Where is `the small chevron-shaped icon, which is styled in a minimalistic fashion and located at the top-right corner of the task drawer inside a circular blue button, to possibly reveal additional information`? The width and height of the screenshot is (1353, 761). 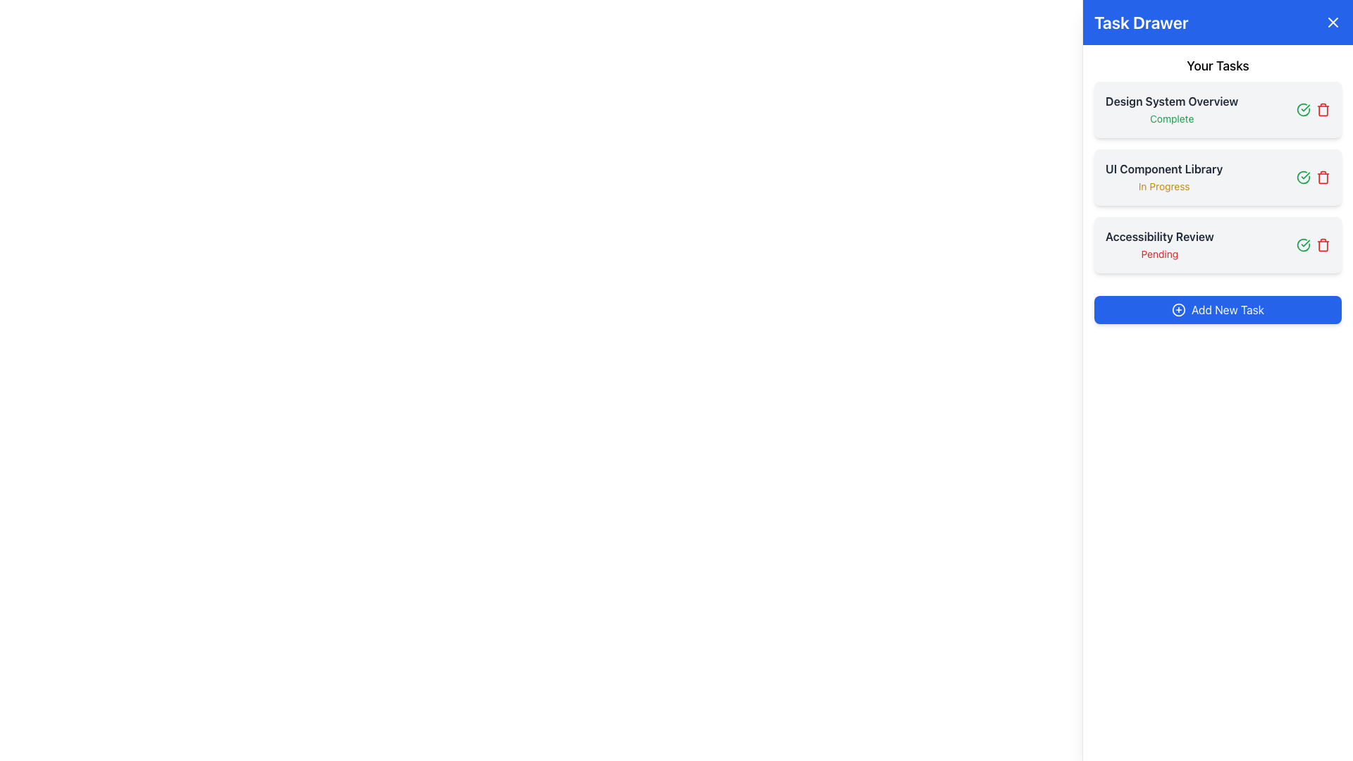 the small chevron-shaped icon, which is styled in a minimalistic fashion and located at the top-right corner of the task drawer inside a circular blue button, to possibly reveal additional information is located at coordinates (1324, 27).